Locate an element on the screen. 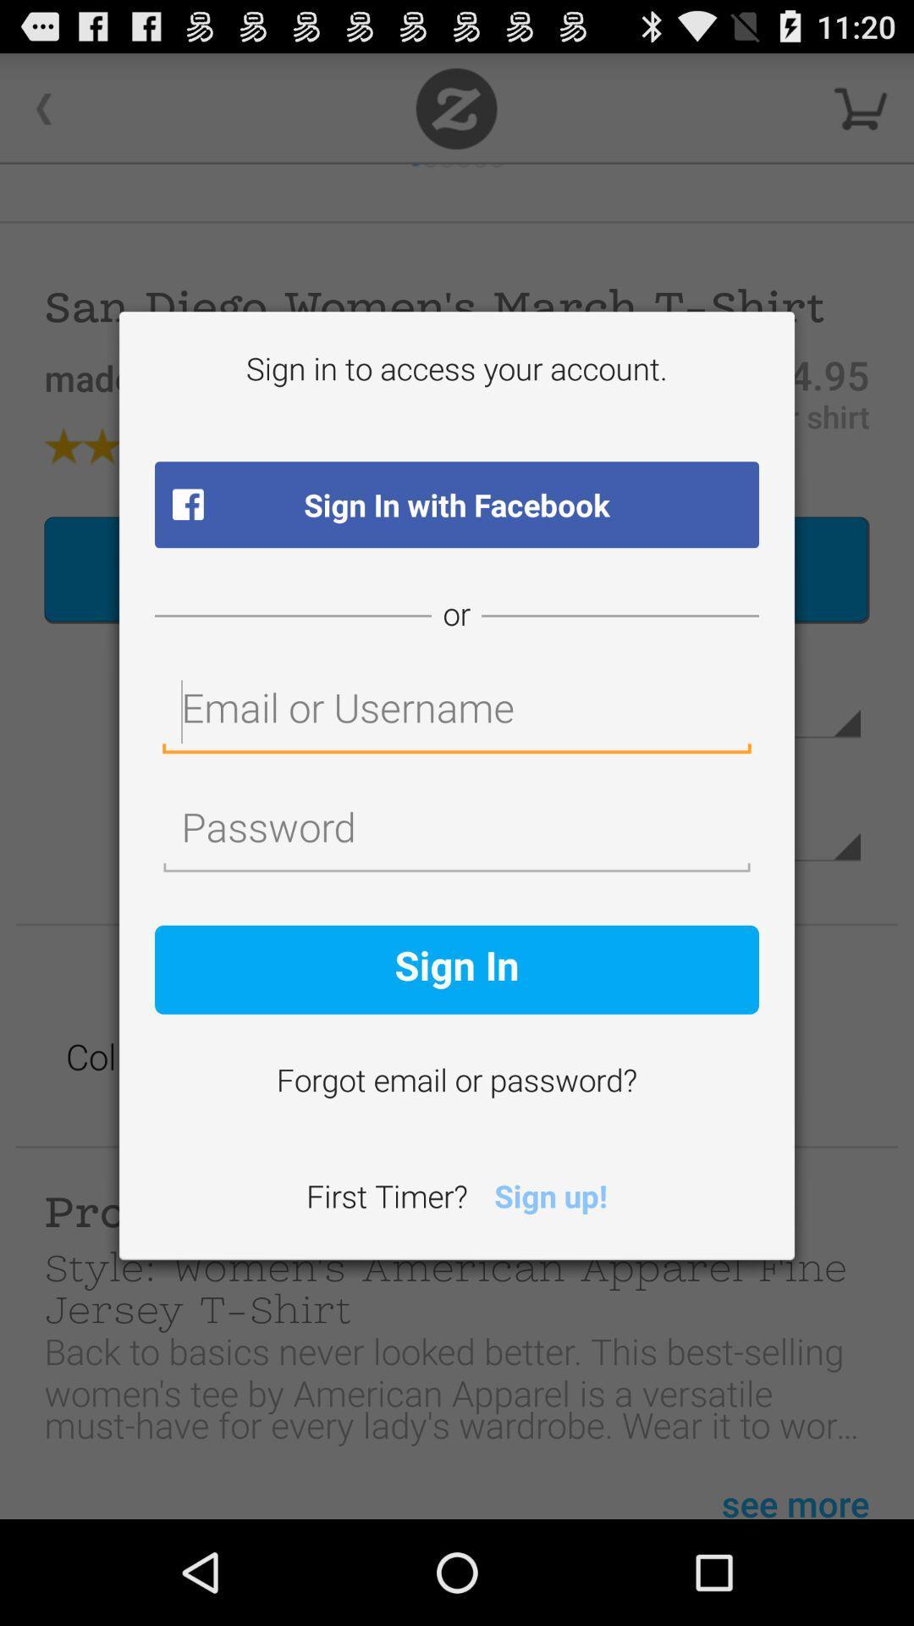 The width and height of the screenshot is (914, 1626). your password is located at coordinates (457, 832).